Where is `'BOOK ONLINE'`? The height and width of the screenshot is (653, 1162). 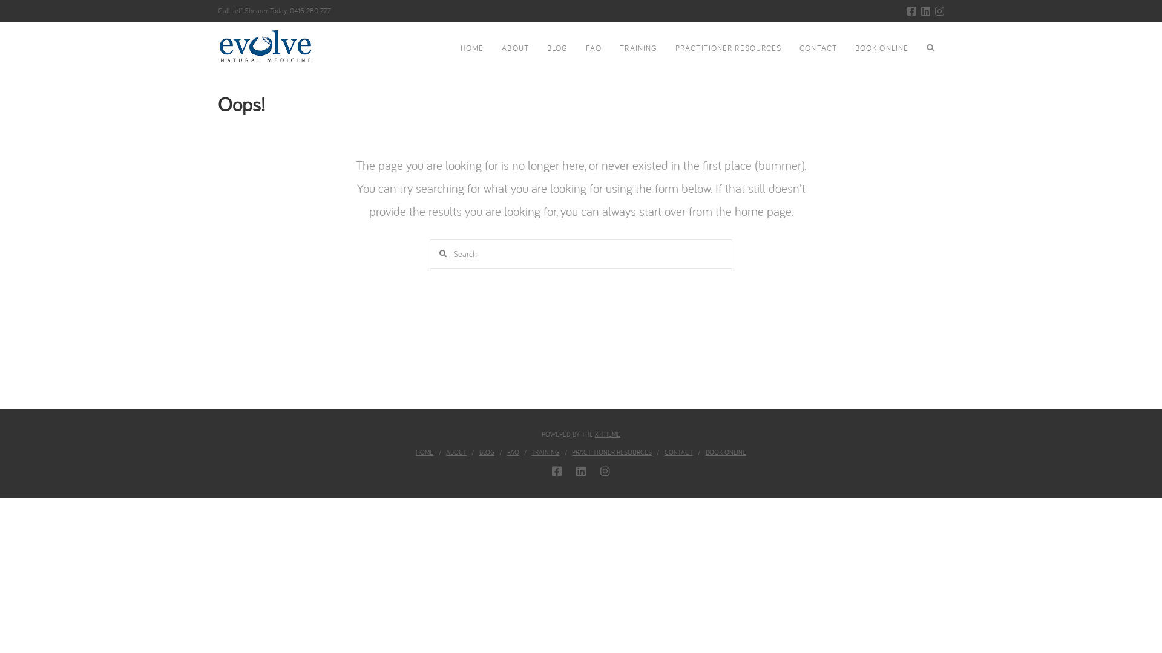
'BOOK ONLINE' is located at coordinates (882, 48).